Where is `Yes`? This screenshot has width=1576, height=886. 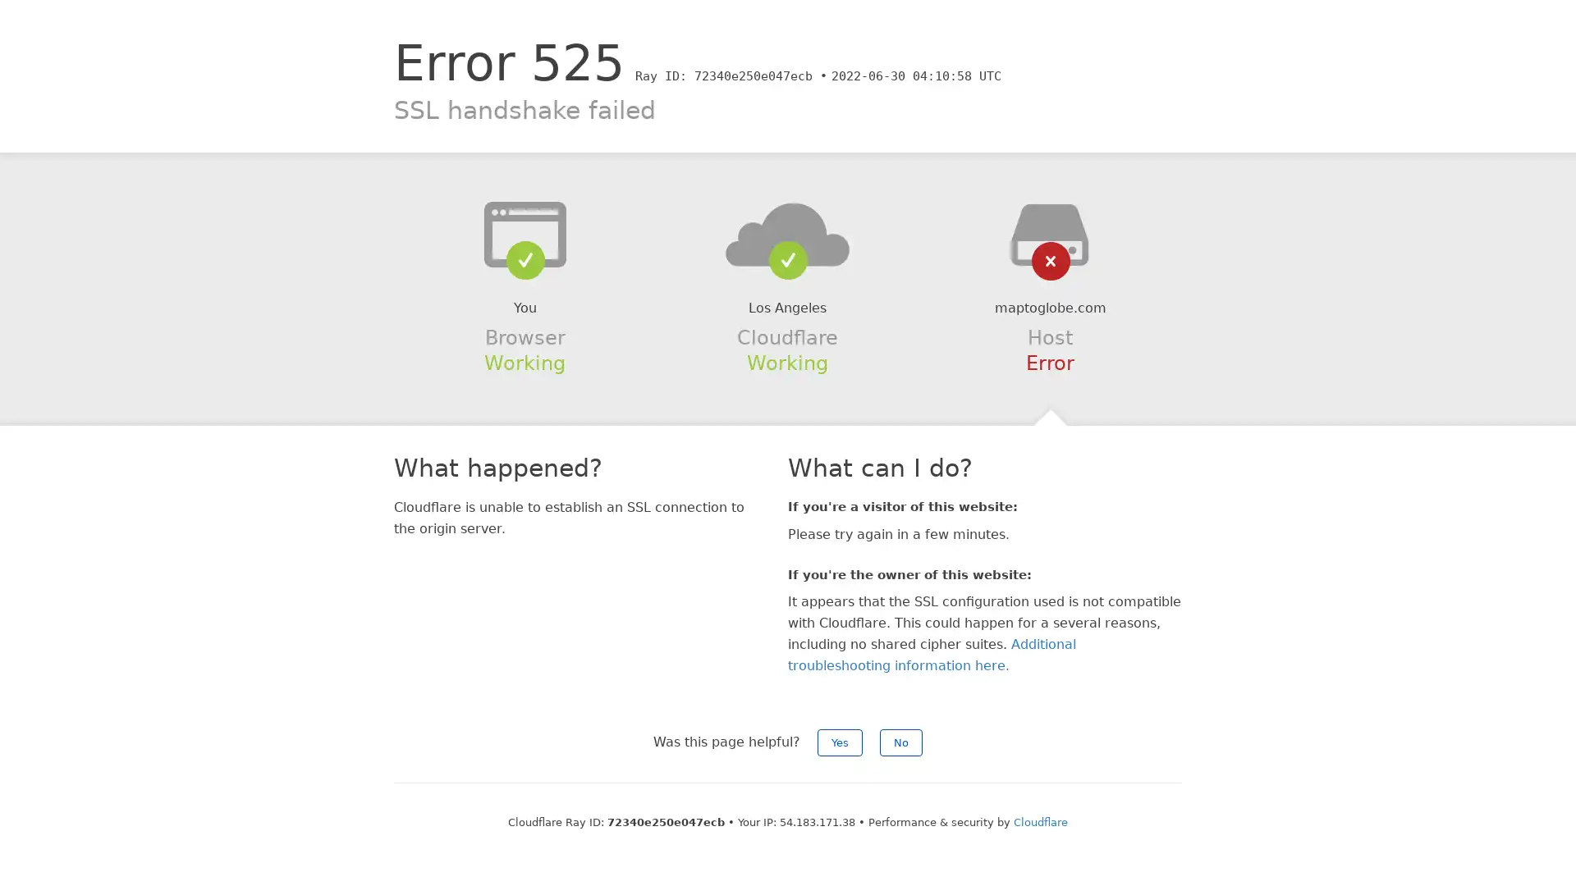
Yes is located at coordinates (840, 742).